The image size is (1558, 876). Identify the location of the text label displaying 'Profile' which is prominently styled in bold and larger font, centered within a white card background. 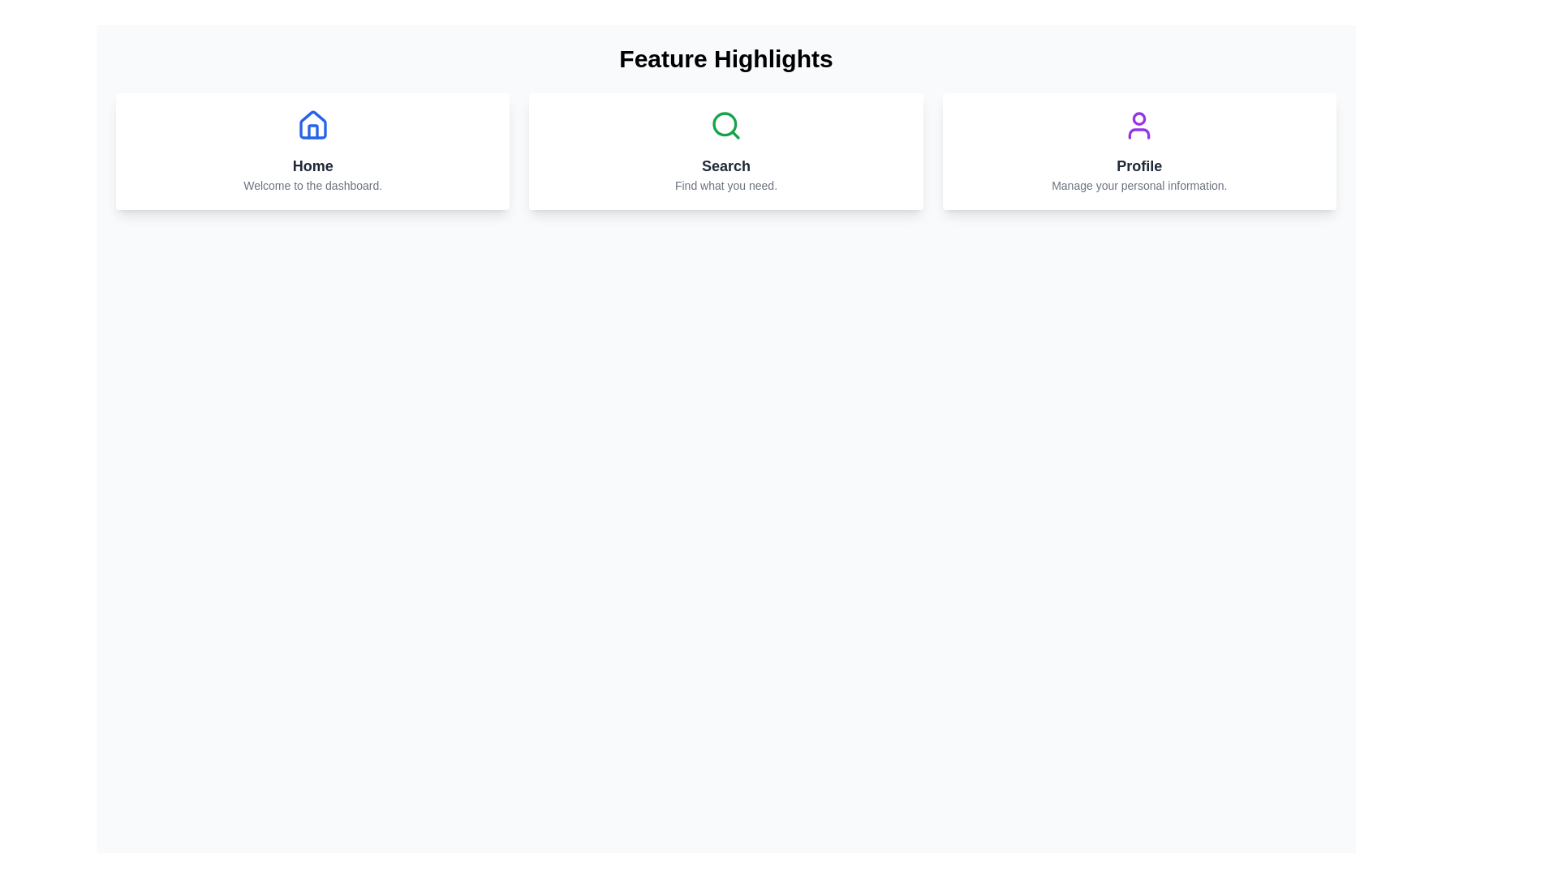
(1138, 165).